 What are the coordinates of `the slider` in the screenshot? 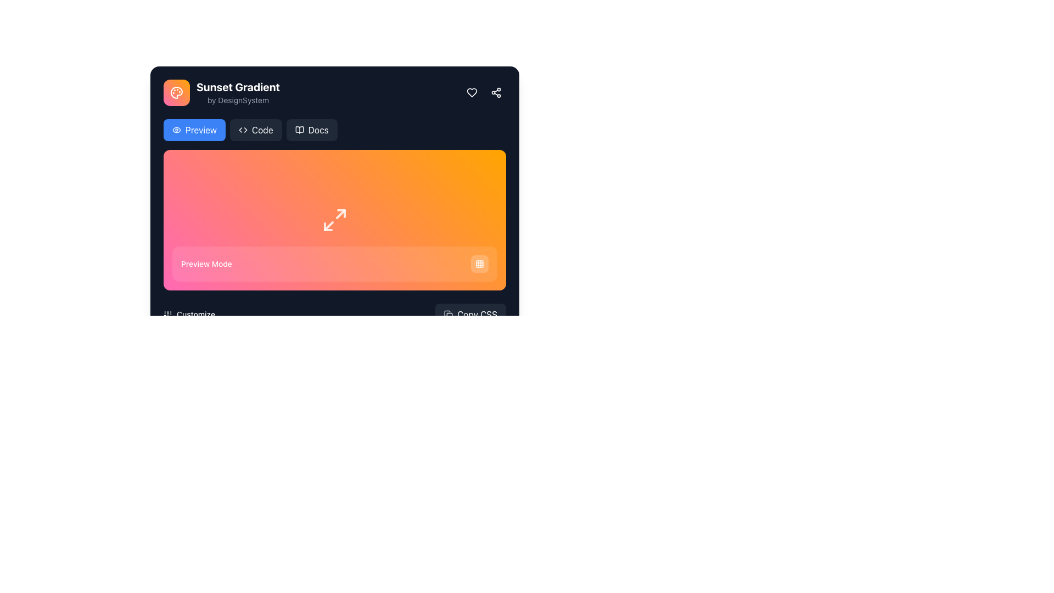 It's located at (470, 404).